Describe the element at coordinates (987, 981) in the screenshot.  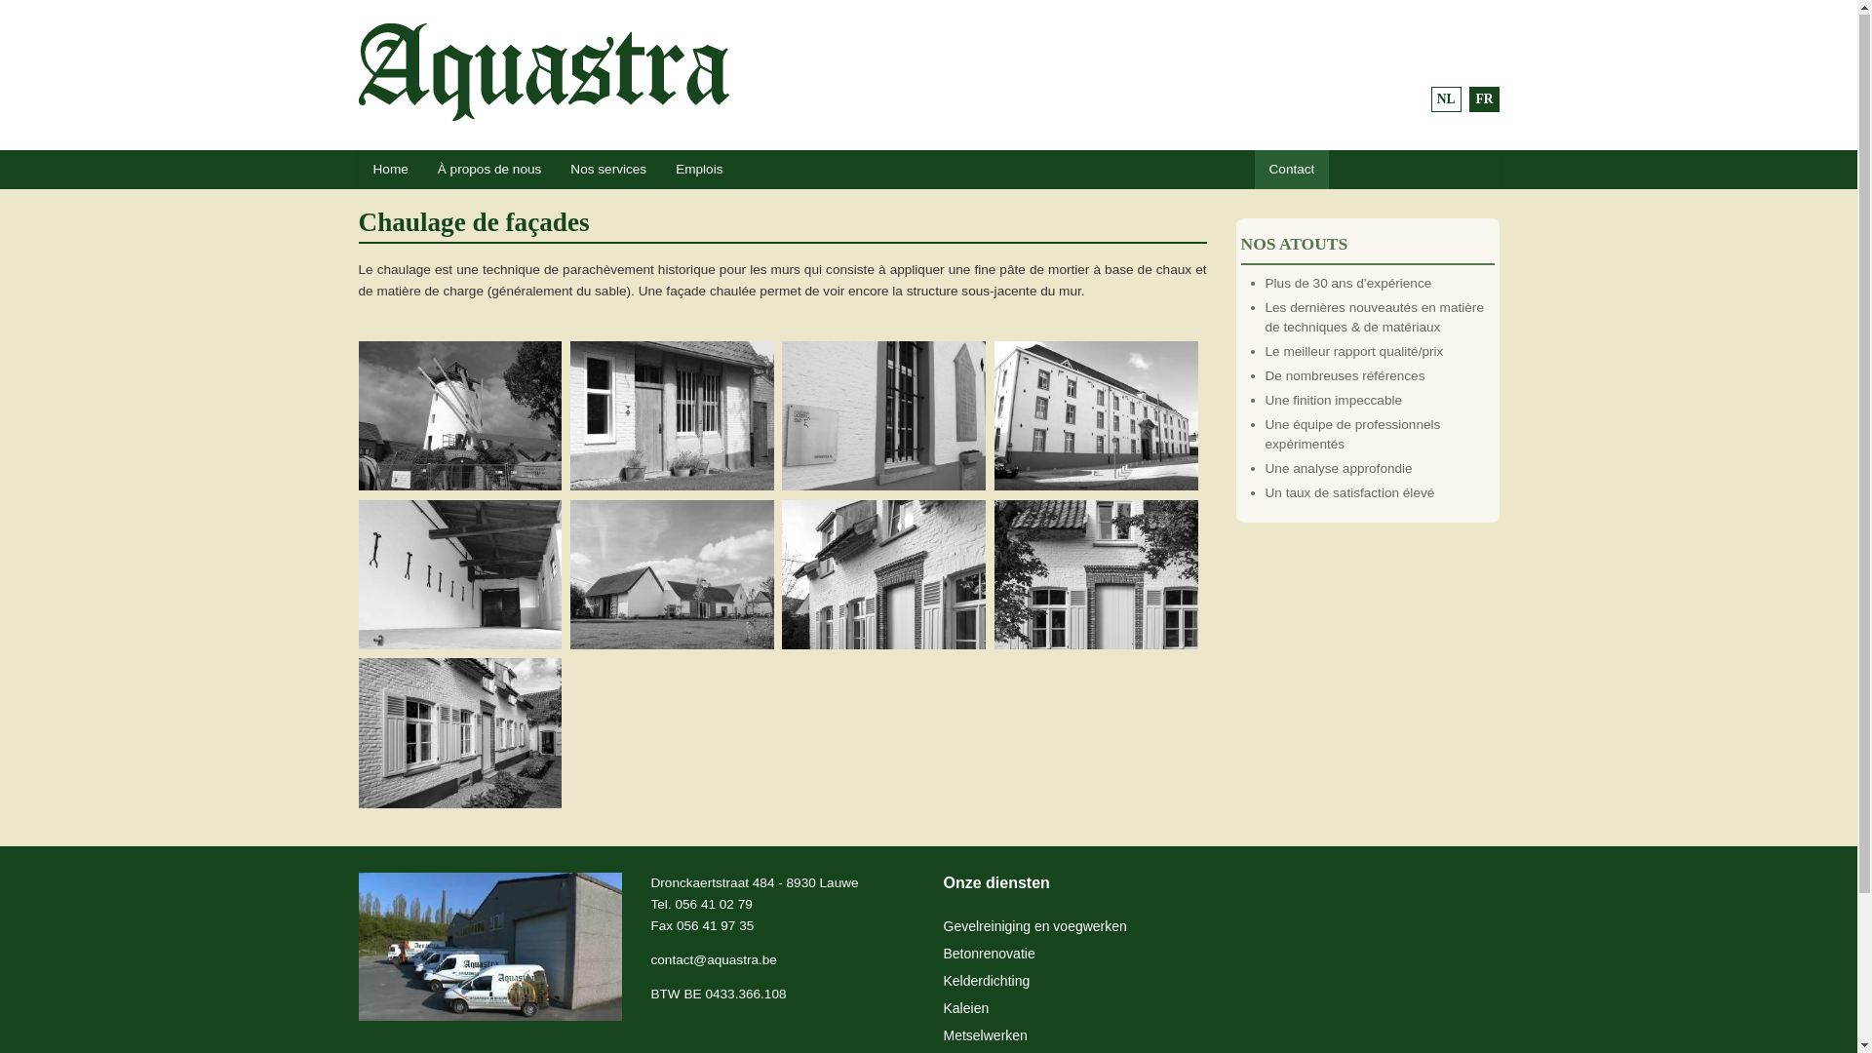
I see `'Kelderdichting'` at that location.